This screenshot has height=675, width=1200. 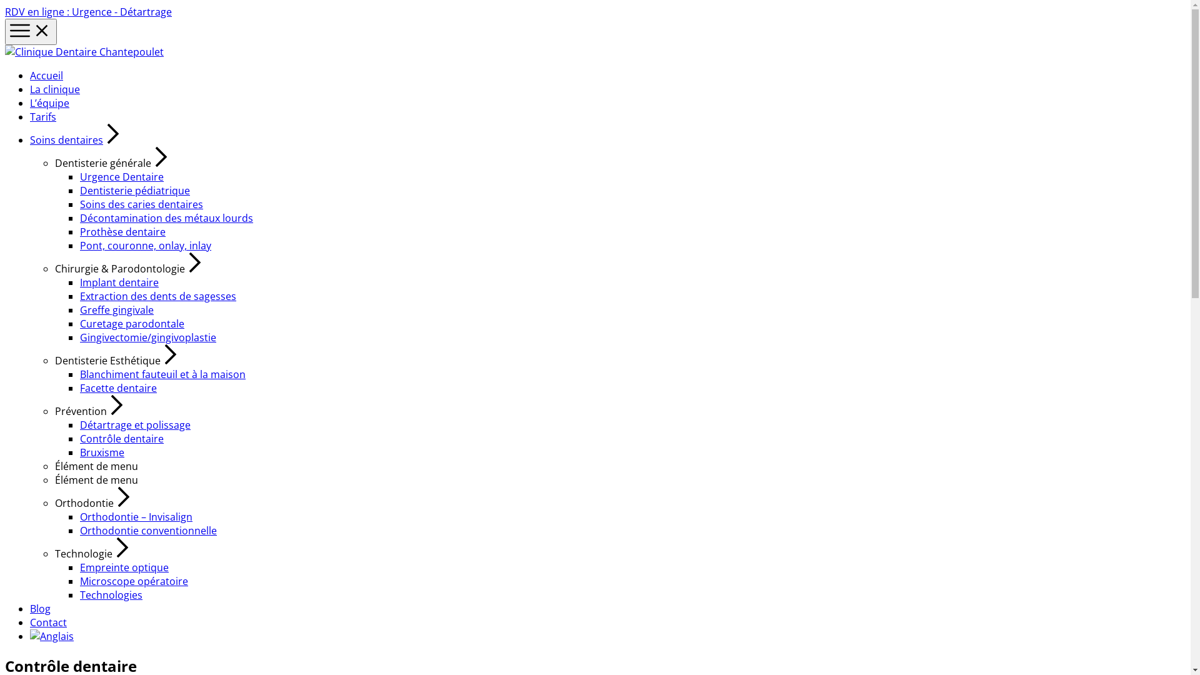 What do you see at coordinates (93, 502) in the screenshot?
I see `'Orthodontie'` at bounding box center [93, 502].